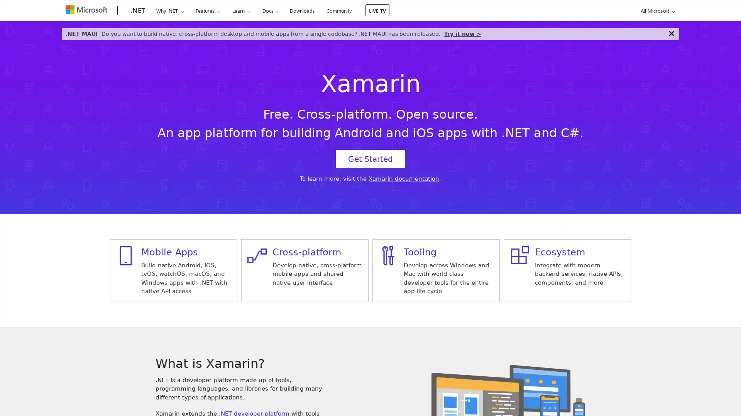 This screenshot has width=741, height=416. What do you see at coordinates (240, 10) in the screenshot?
I see `Learn` at bounding box center [240, 10].